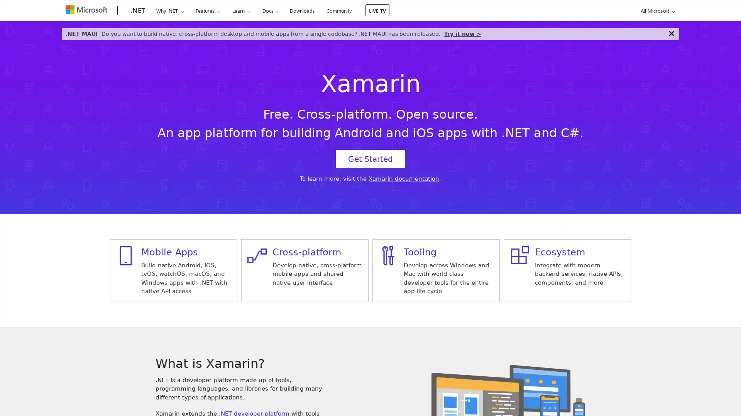 This screenshot has width=741, height=416. What do you see at coordinates (240, 10) in the screenshot?
I see `Learn` at bounding box center [240, 10].